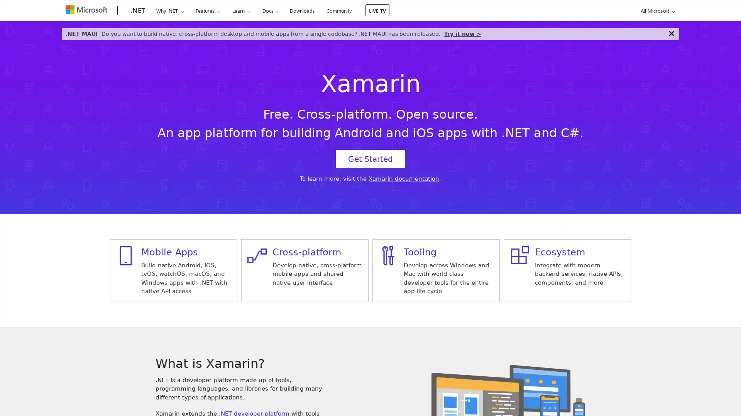 This screenshot has width=741, height=416. What do you see at coordinates (240, 10) in the screenshot?
I see `Learn` at bounding box center [240, 10].